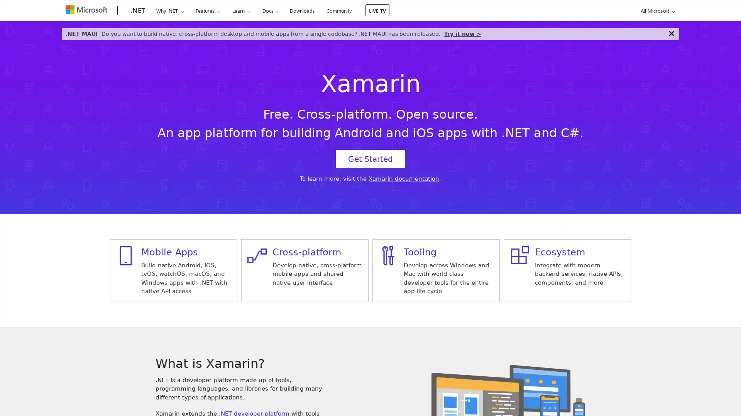 This screenshot has width=741, height=416. What do you see at coordinates (240, 10) in the screenshot?
I see `Learn` at bounding box center [240, 10].